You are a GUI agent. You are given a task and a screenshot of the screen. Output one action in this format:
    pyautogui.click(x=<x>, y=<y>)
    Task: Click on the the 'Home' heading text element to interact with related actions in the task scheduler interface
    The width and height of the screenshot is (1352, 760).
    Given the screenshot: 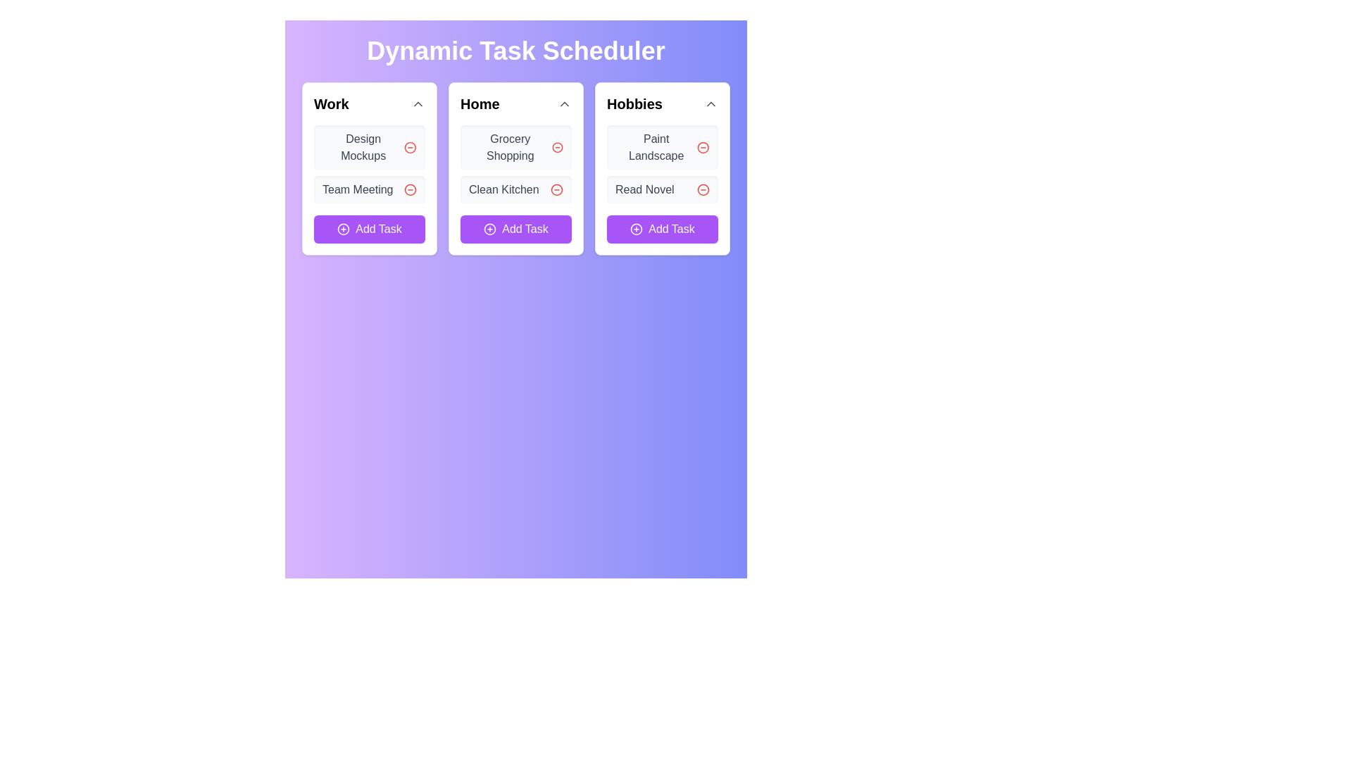 What is the action you would take?
    pyautogui.click(x=480, y=103)
    